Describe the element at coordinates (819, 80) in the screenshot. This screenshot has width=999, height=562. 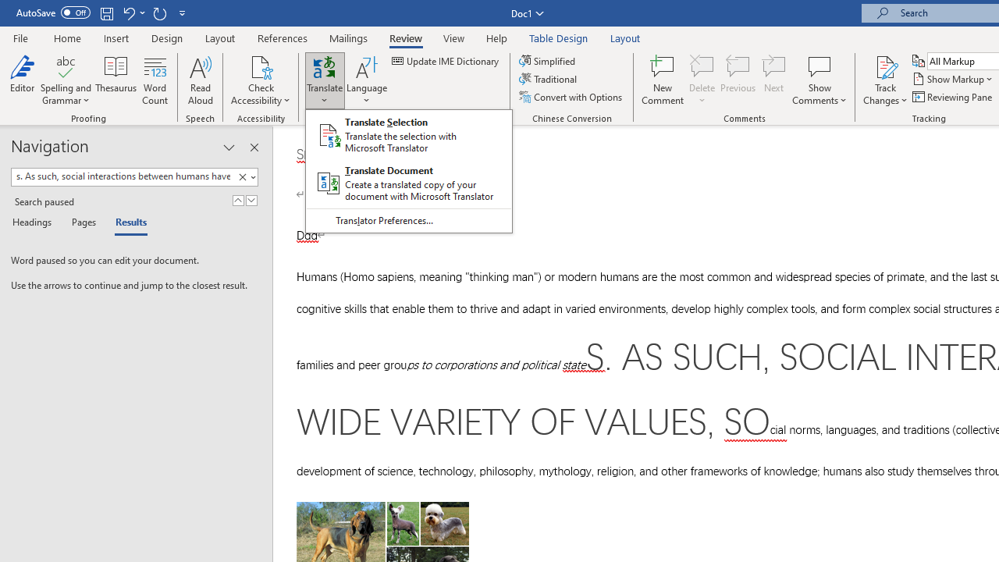
I see `'Show Comments'` at that location.